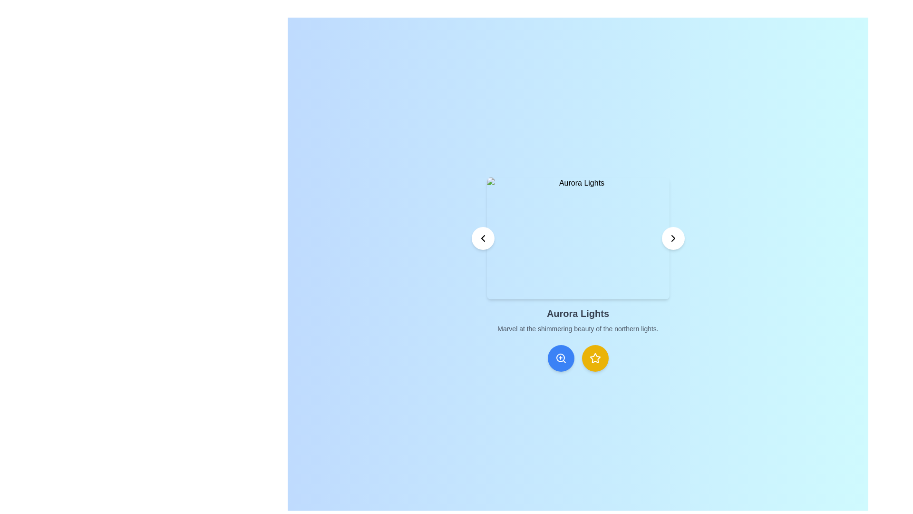  I want to click on the star icon, which is styled as a button for marking favorites or ratings, located near the center-right of the interface, so click(594, 358).